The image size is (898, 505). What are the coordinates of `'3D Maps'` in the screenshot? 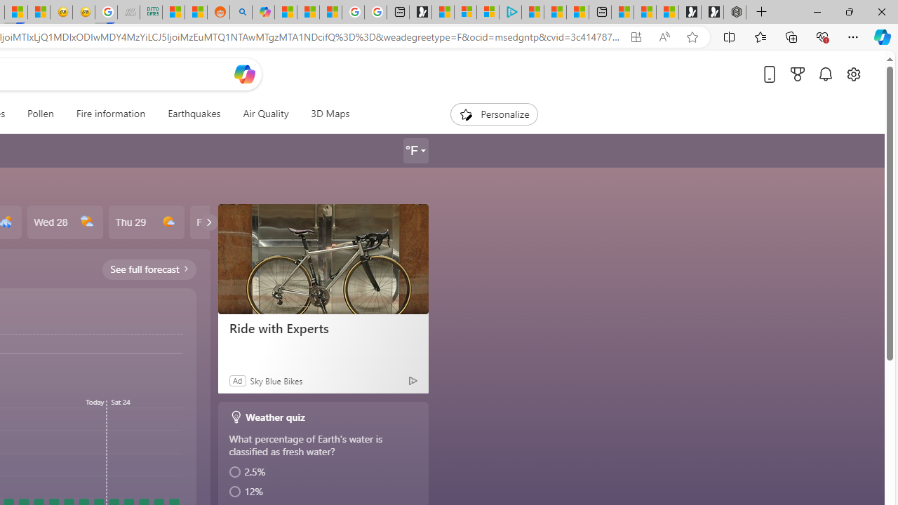 It's located at (330, 114).